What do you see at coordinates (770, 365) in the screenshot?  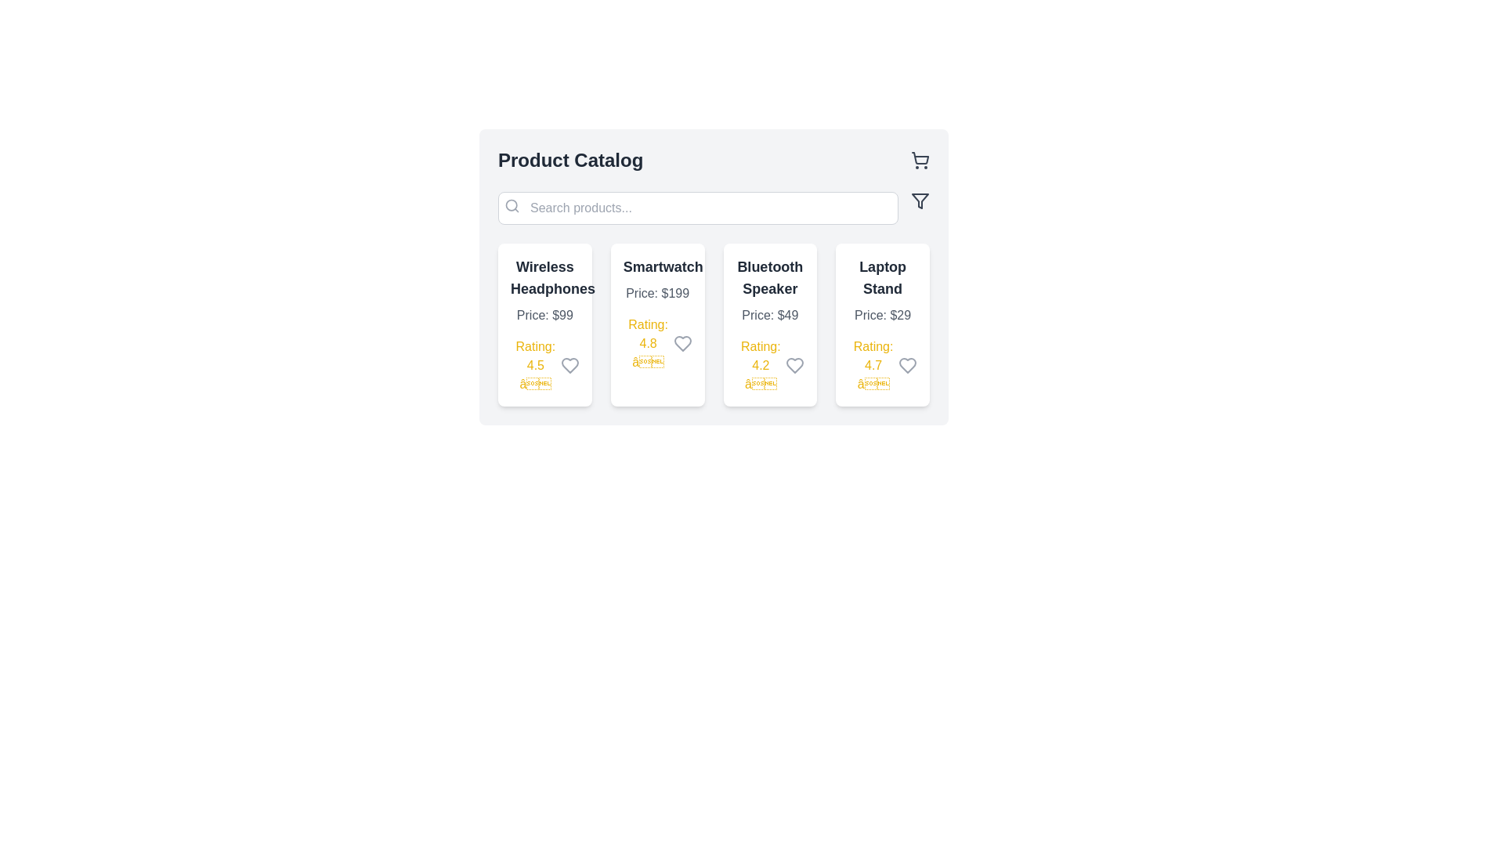 I see `the rating information displayed for the product 'Bluetooth Speaker' located in the third column of the product catalog grid, which shows a rating value of 4.2 stars` at bounding box center [770, 365].